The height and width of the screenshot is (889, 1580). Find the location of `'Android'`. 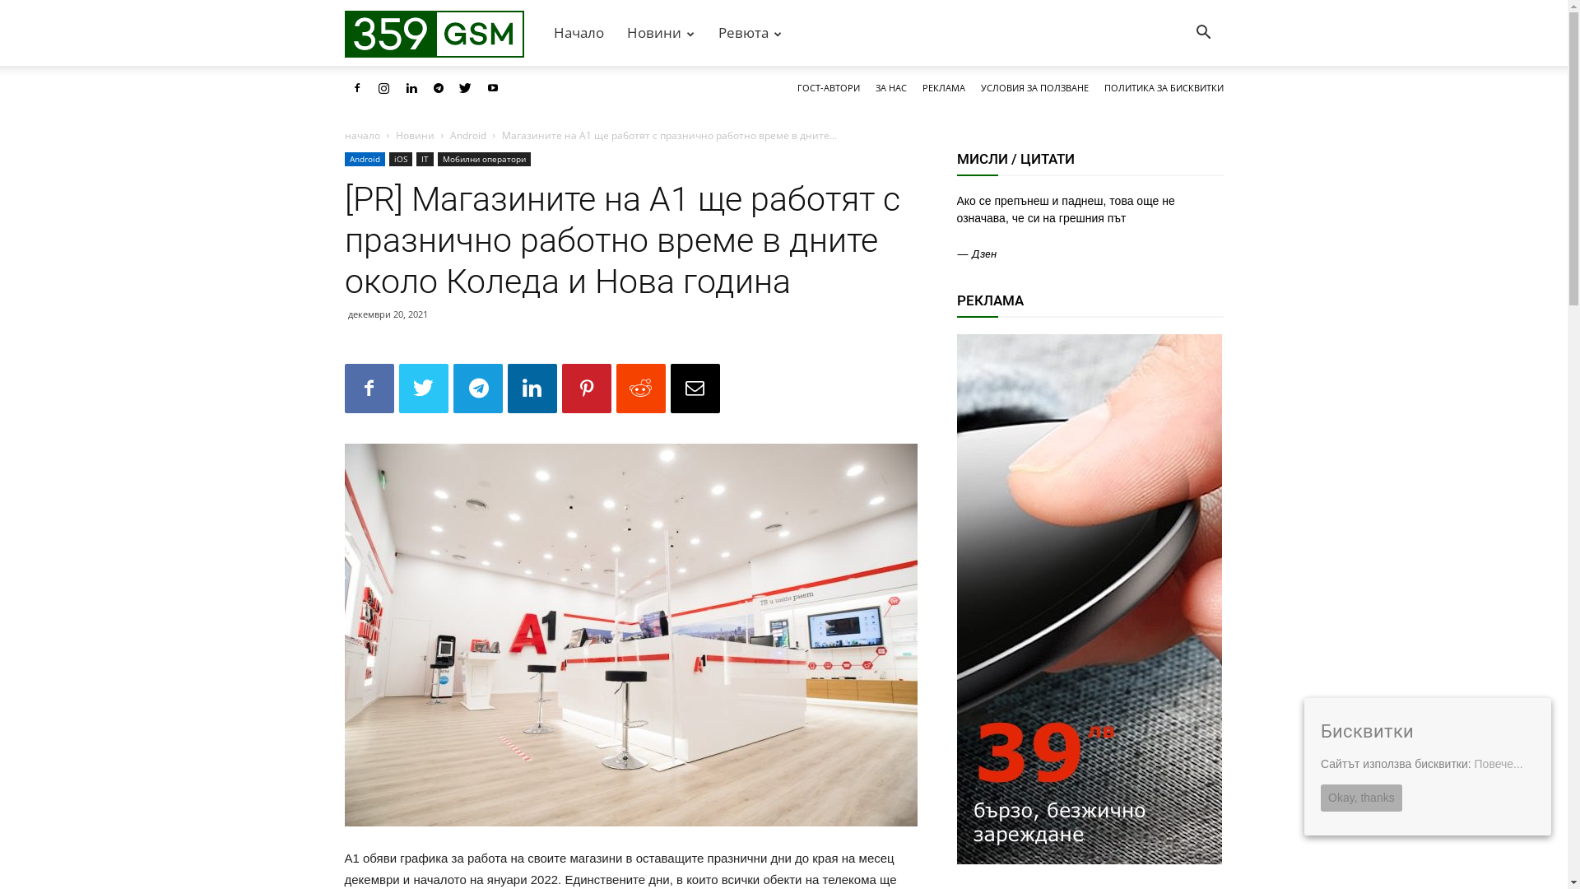

'Android' is located at coordinates (342, 159).